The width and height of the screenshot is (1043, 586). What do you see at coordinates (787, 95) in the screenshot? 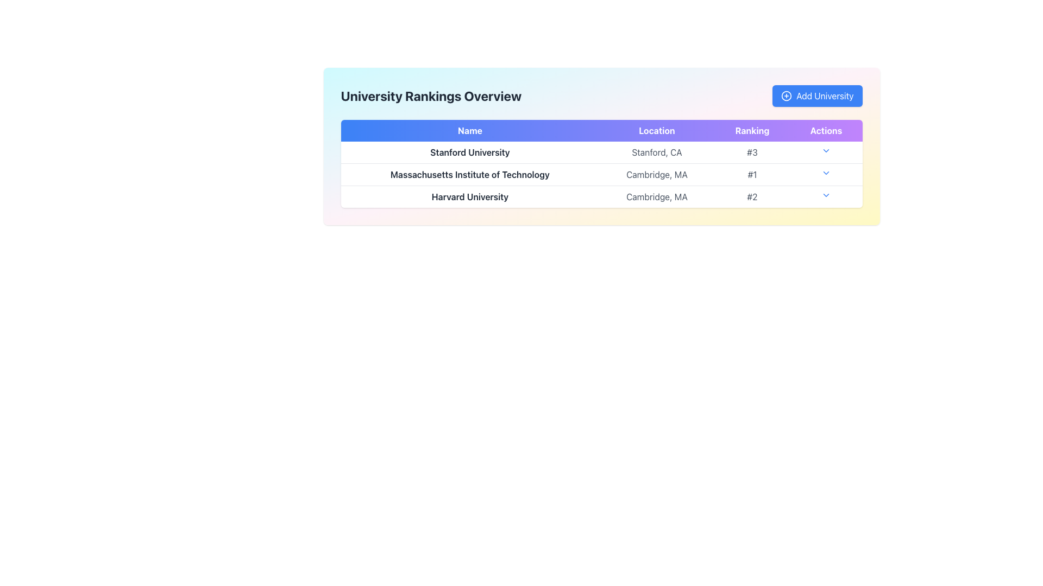
I see `the circular icon with a plus sign (+) in the center of the 'Add University' button, which is styled in white on a blue background` at bounding box center [787, 95].